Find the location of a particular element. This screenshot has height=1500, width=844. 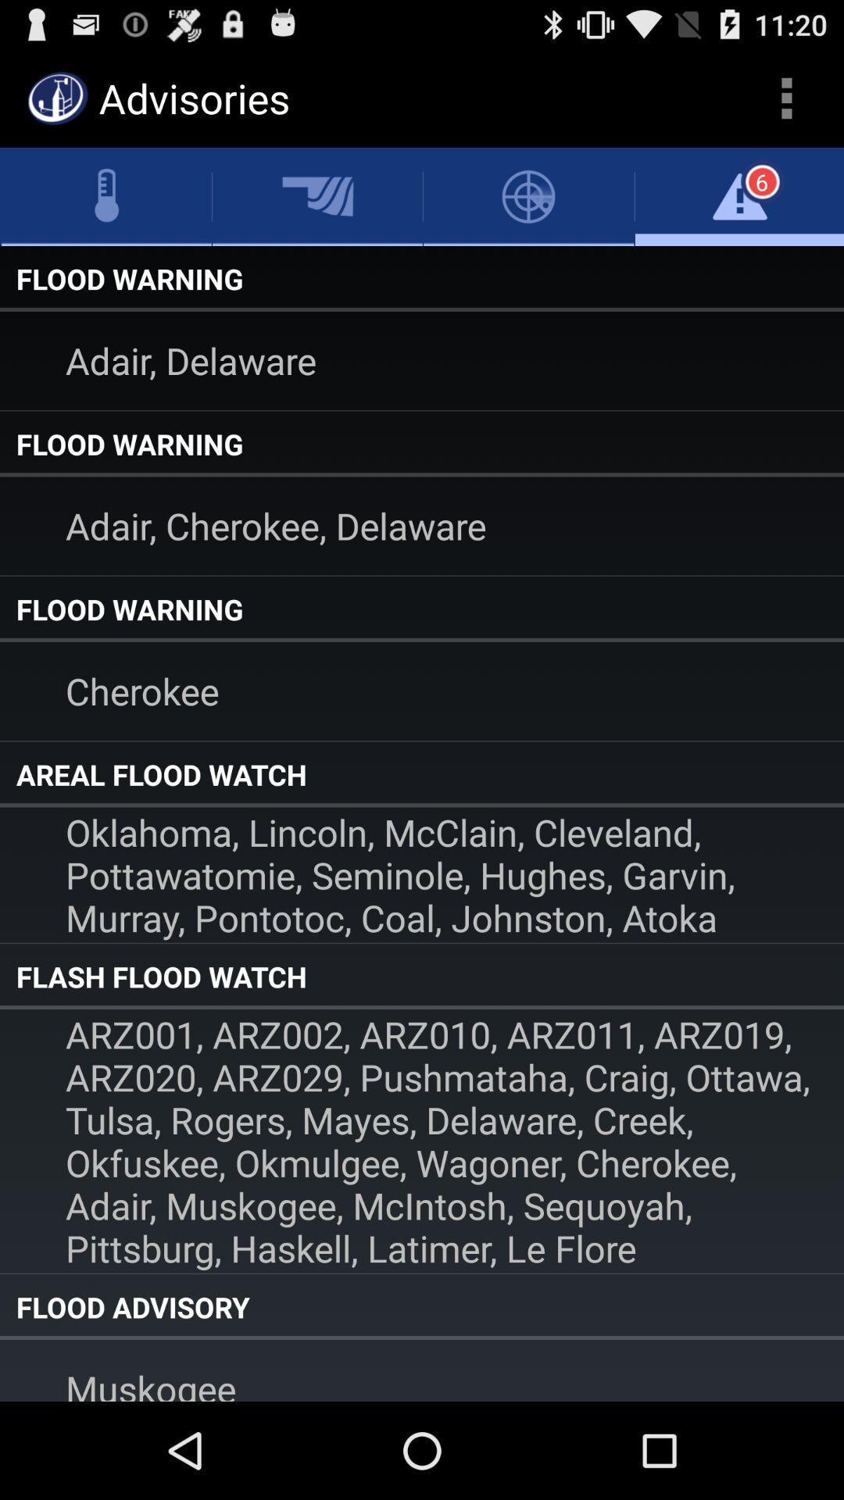

the icon below flash flood watch item is located at coordinates (422, 1141).